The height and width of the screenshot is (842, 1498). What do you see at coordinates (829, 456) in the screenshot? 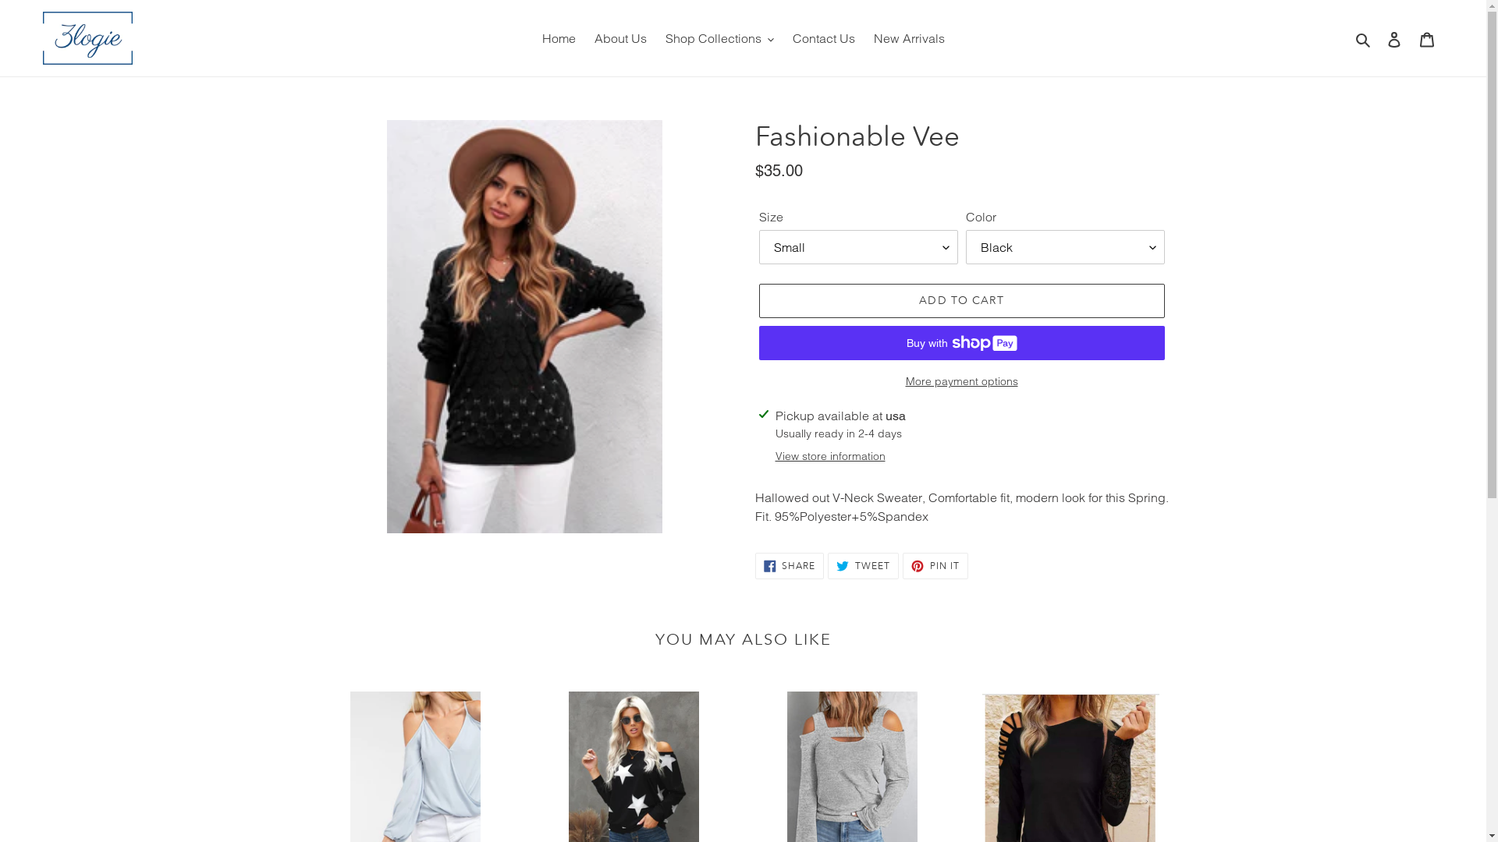
I see `'View store information'` at bounding box center [829, 456].